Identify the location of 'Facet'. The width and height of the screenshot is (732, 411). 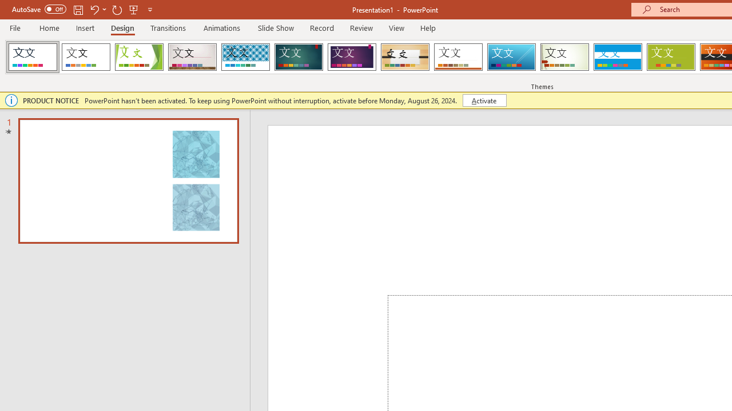
(138, 57).